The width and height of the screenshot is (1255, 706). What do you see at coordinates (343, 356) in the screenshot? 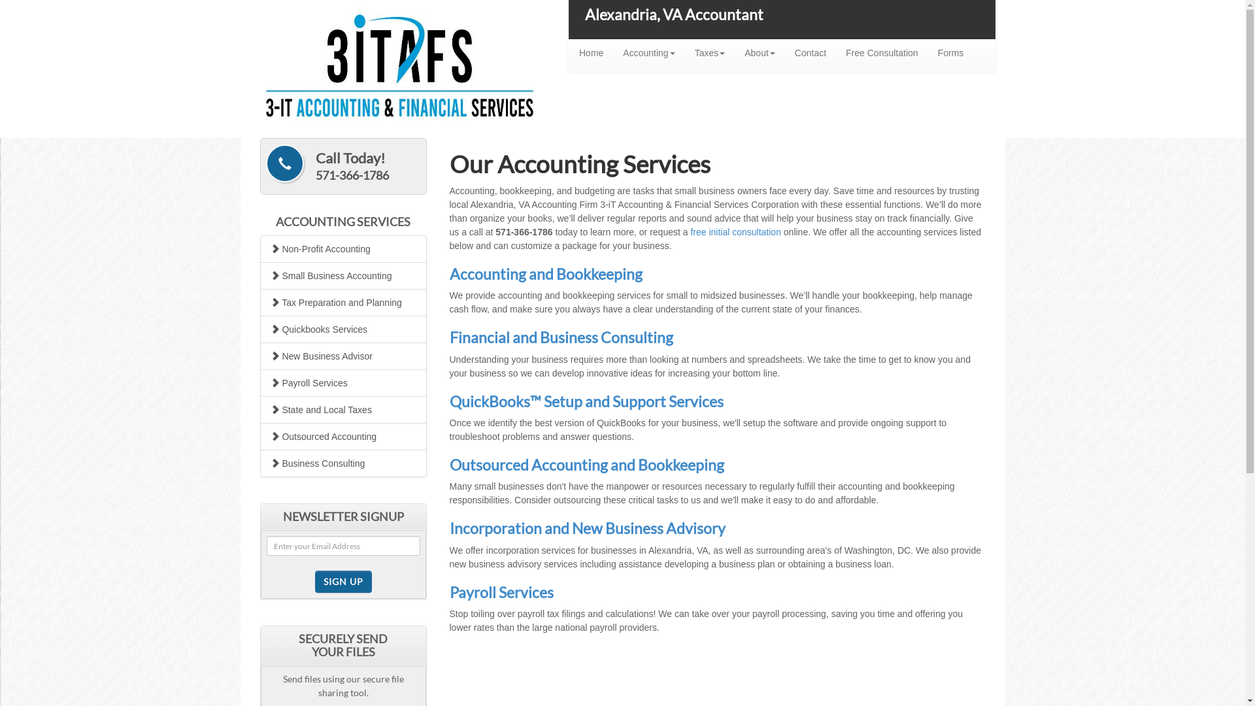
I see `'New Business Advisor'` at bounding box center [343, 356].